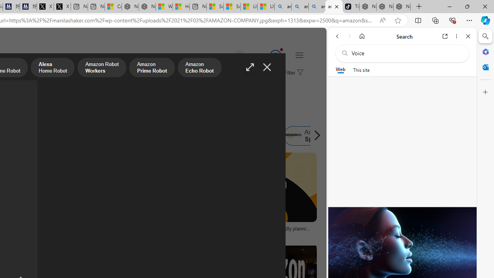 This screenshot has width=494, height=278. Describe the element at coordinates (485, 92) in the screenshot. I see `'Customize'` at that location.